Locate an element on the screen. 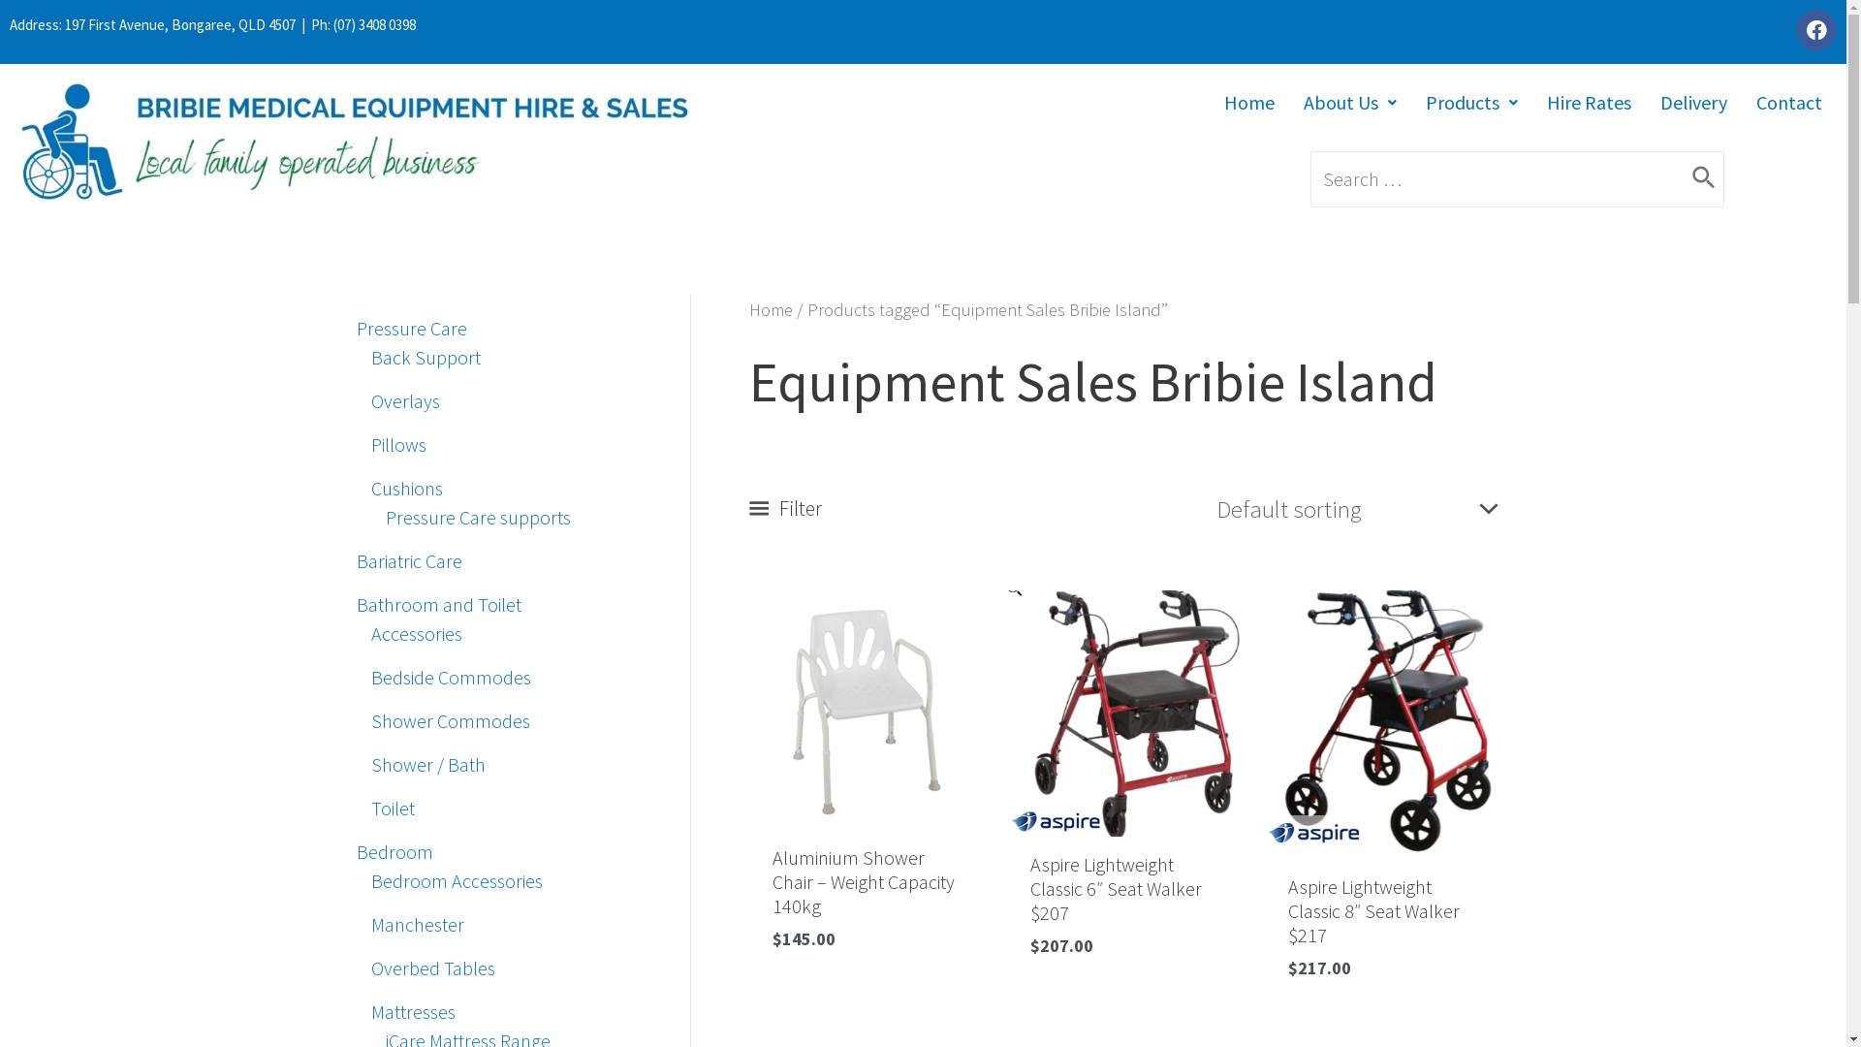  'Home' is located at coordinates (1249, 102).